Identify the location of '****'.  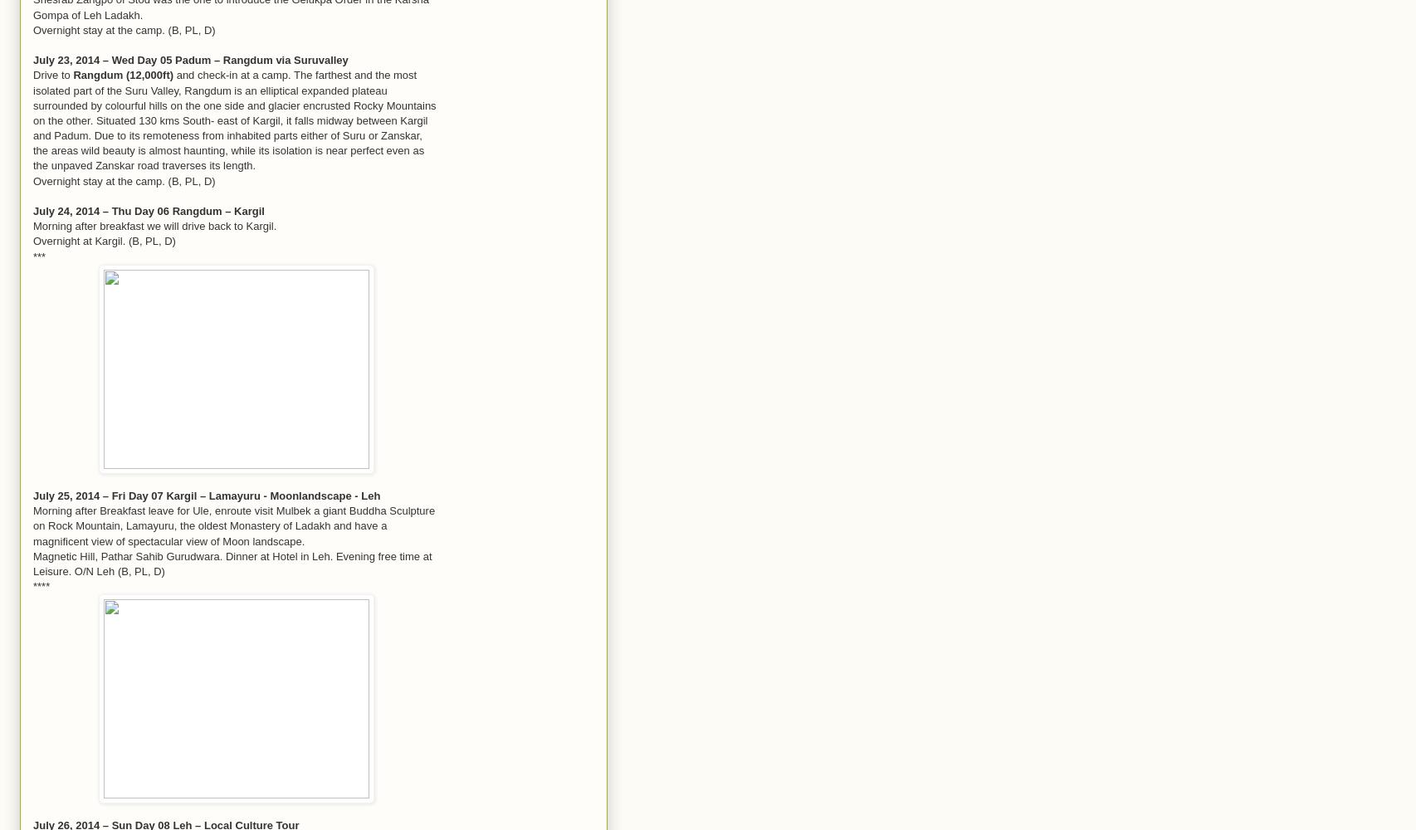
(41, 585).